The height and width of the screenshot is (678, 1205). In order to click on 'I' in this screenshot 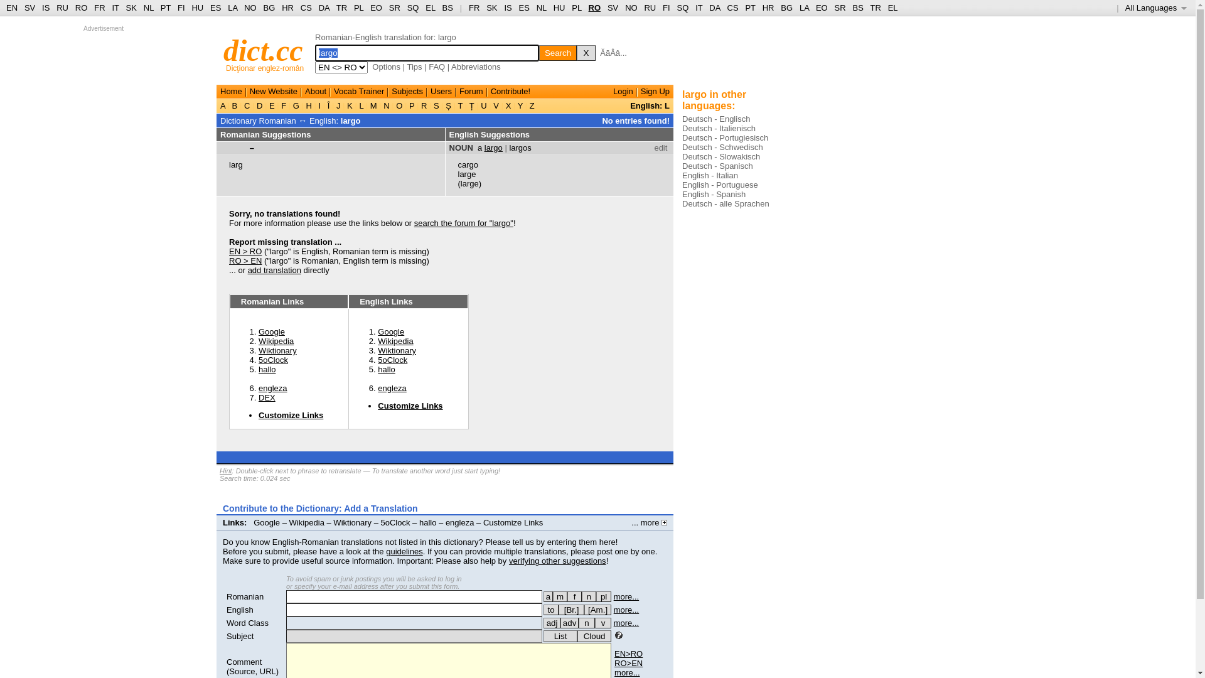, I will do `click(316, 105)`.